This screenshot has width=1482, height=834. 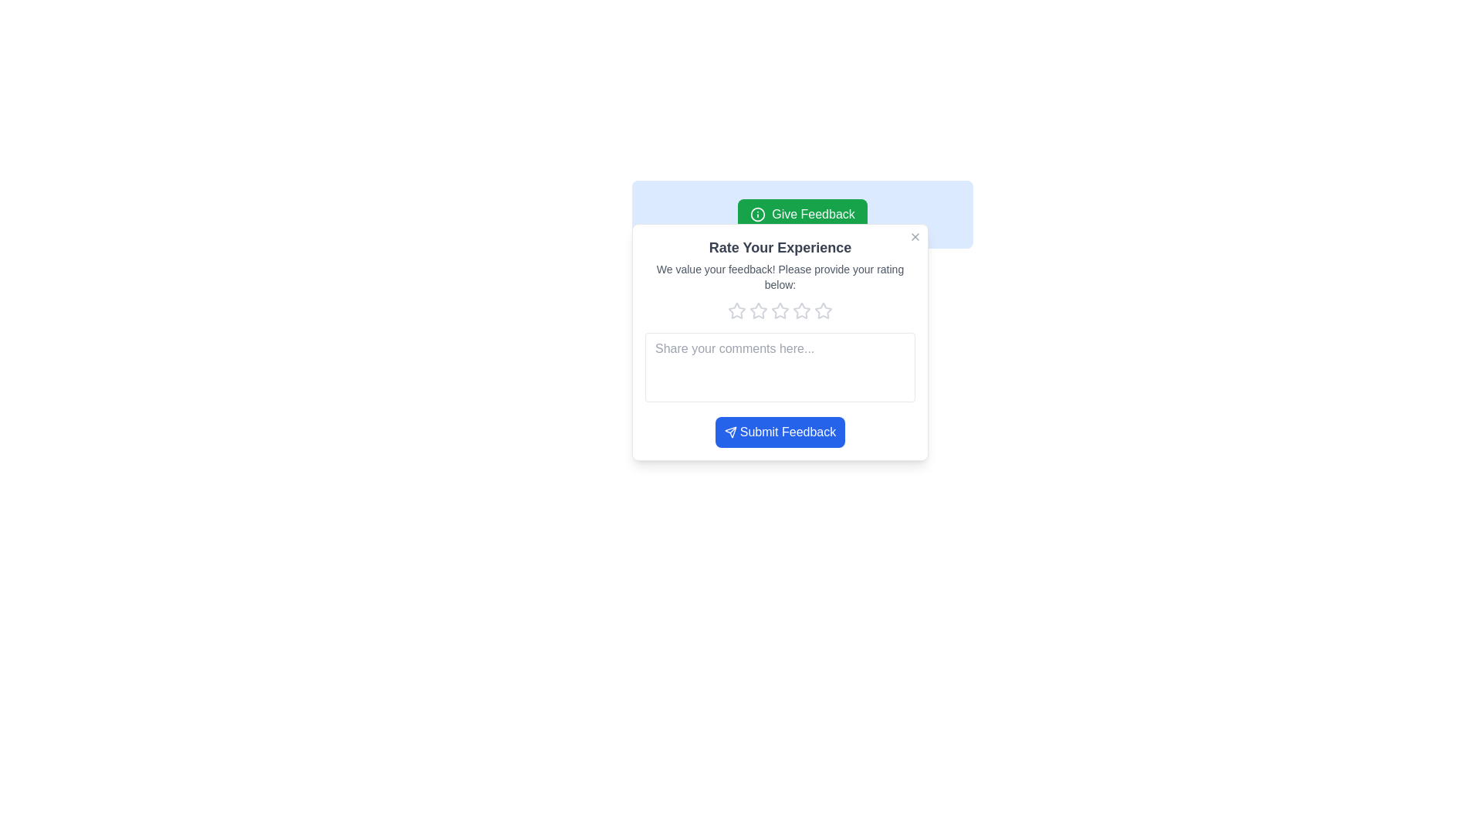 I want to click on the first star-shaped rating icon in the feedback dialog box, so click(x=736, y=310).